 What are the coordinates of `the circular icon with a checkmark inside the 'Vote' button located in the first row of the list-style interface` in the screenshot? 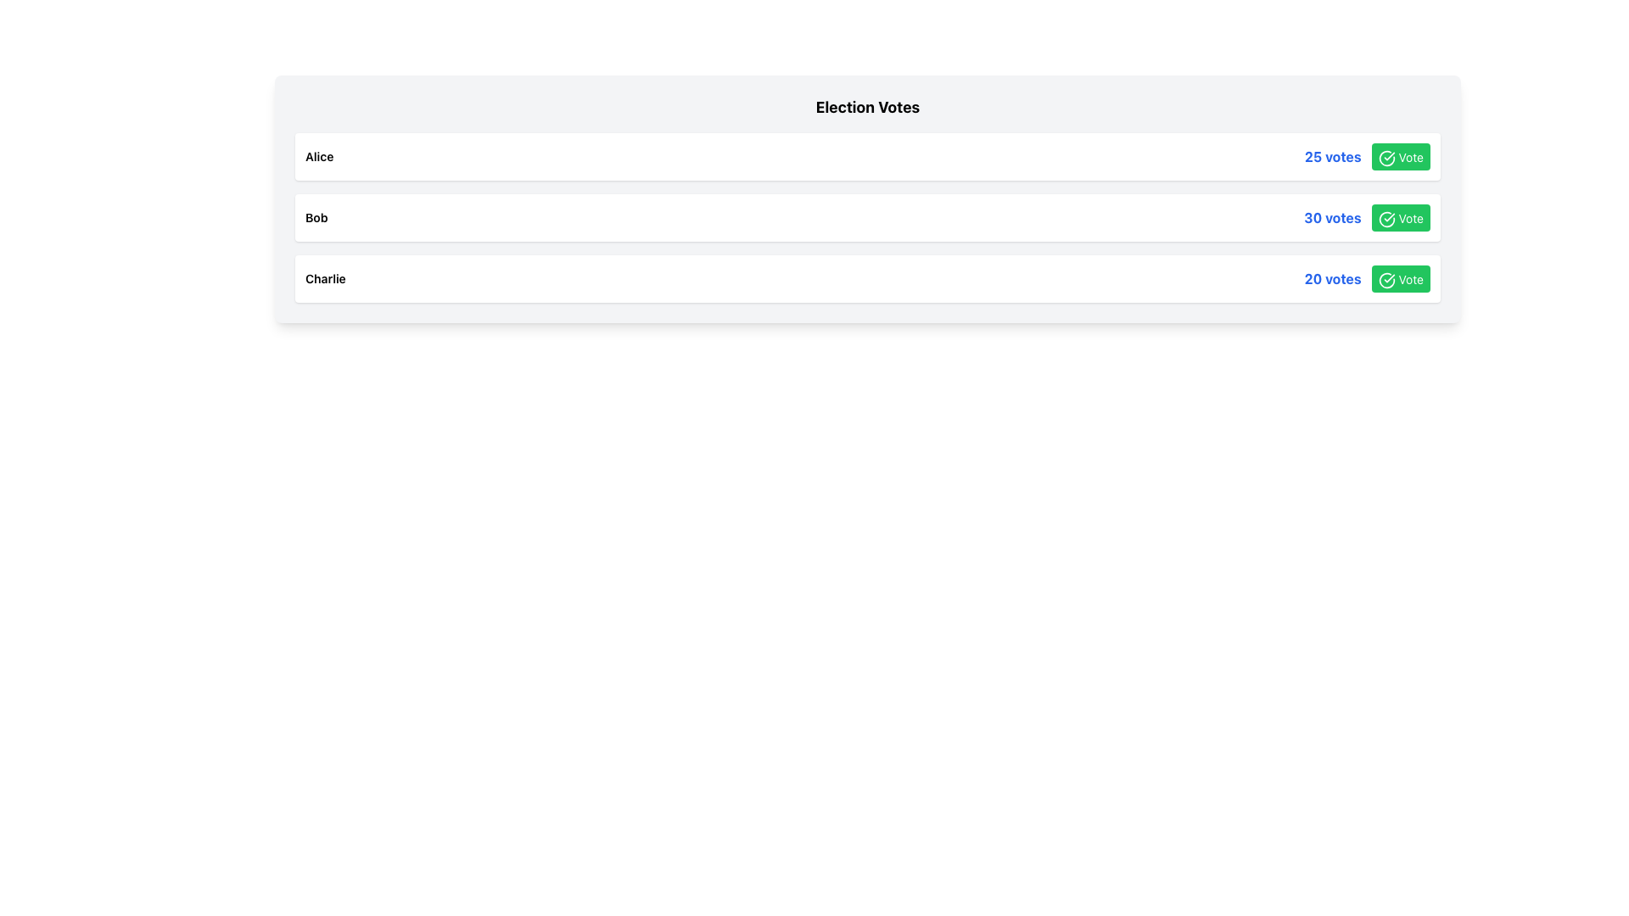 It's located at (1386, 158).